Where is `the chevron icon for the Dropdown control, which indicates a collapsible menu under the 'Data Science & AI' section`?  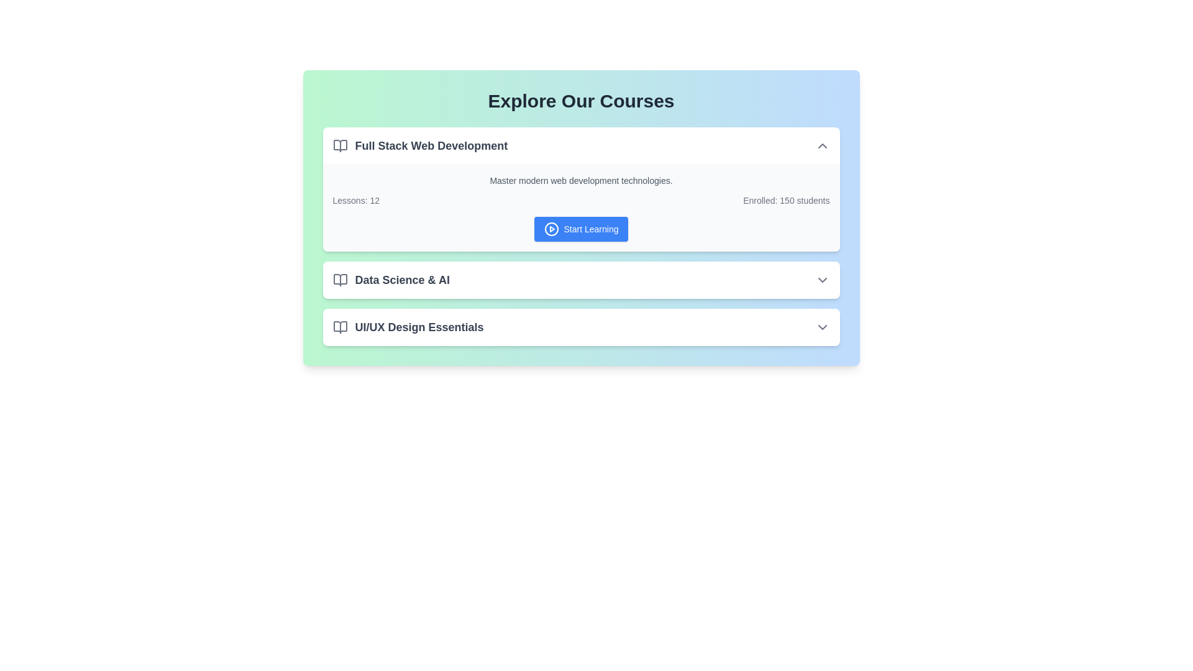 the chevron icon for the Dropdown control, which indicates a collapsible menu under the 'Data Science & AI' section is located at coordinates (822, 280).